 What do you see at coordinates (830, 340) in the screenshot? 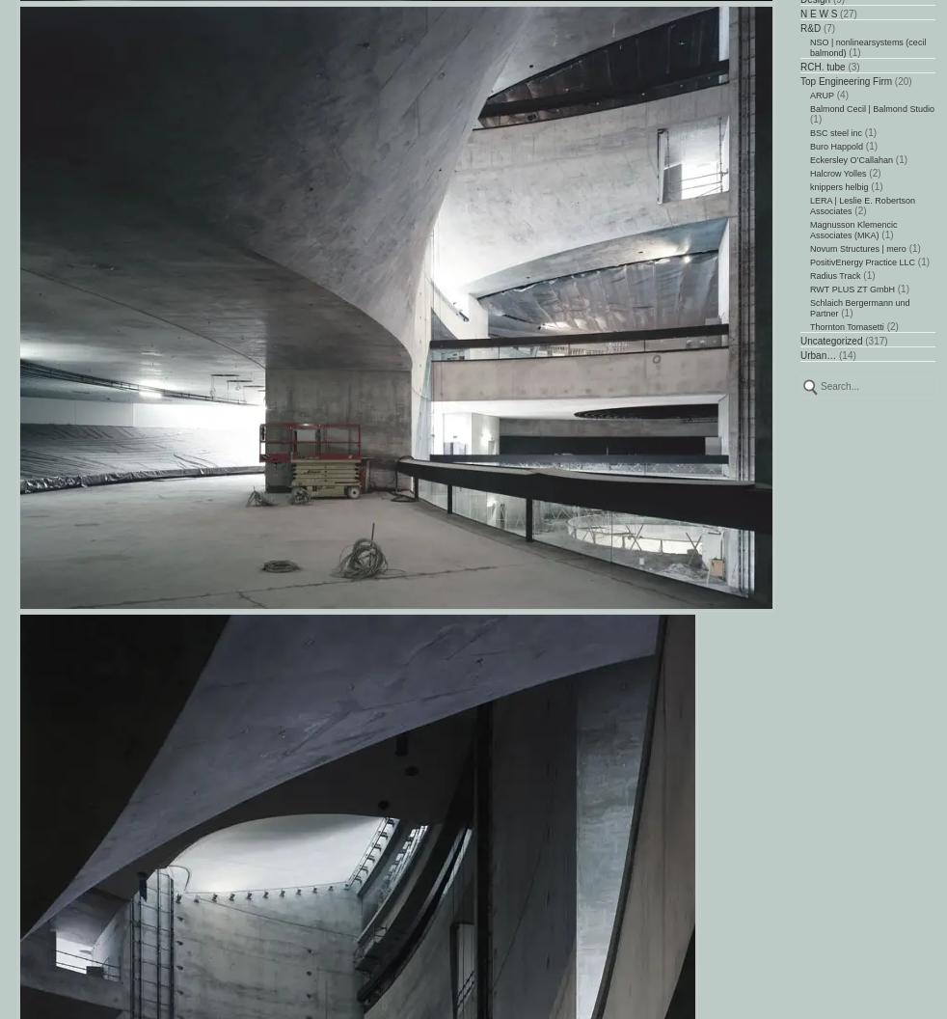
I see `'Uncategorized'` at bounding box center [830, 340].